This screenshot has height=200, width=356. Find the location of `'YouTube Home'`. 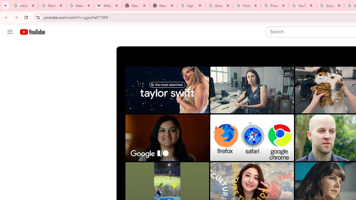

'YouTube Home' is located at coordinates (32, 32).